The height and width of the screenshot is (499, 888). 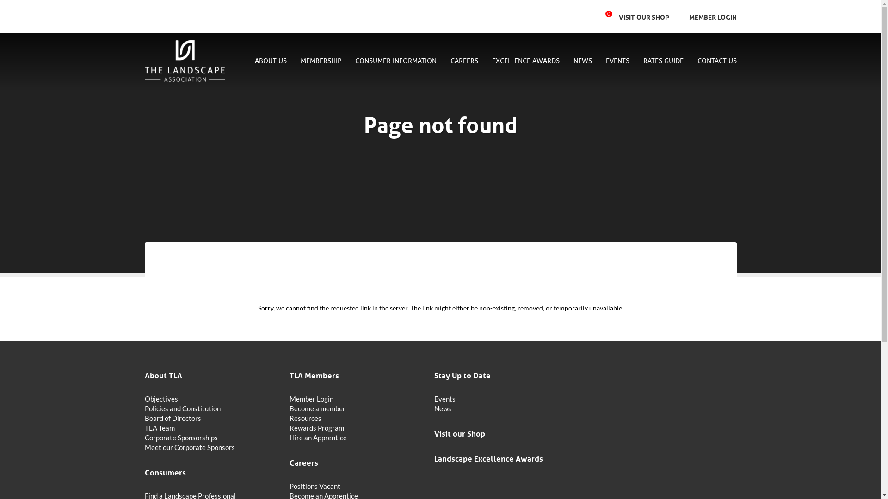 What do you see at coordinates (712, 61) in the screenshot?
I see `'CONTACT US'` at bounding box center [712, 61].